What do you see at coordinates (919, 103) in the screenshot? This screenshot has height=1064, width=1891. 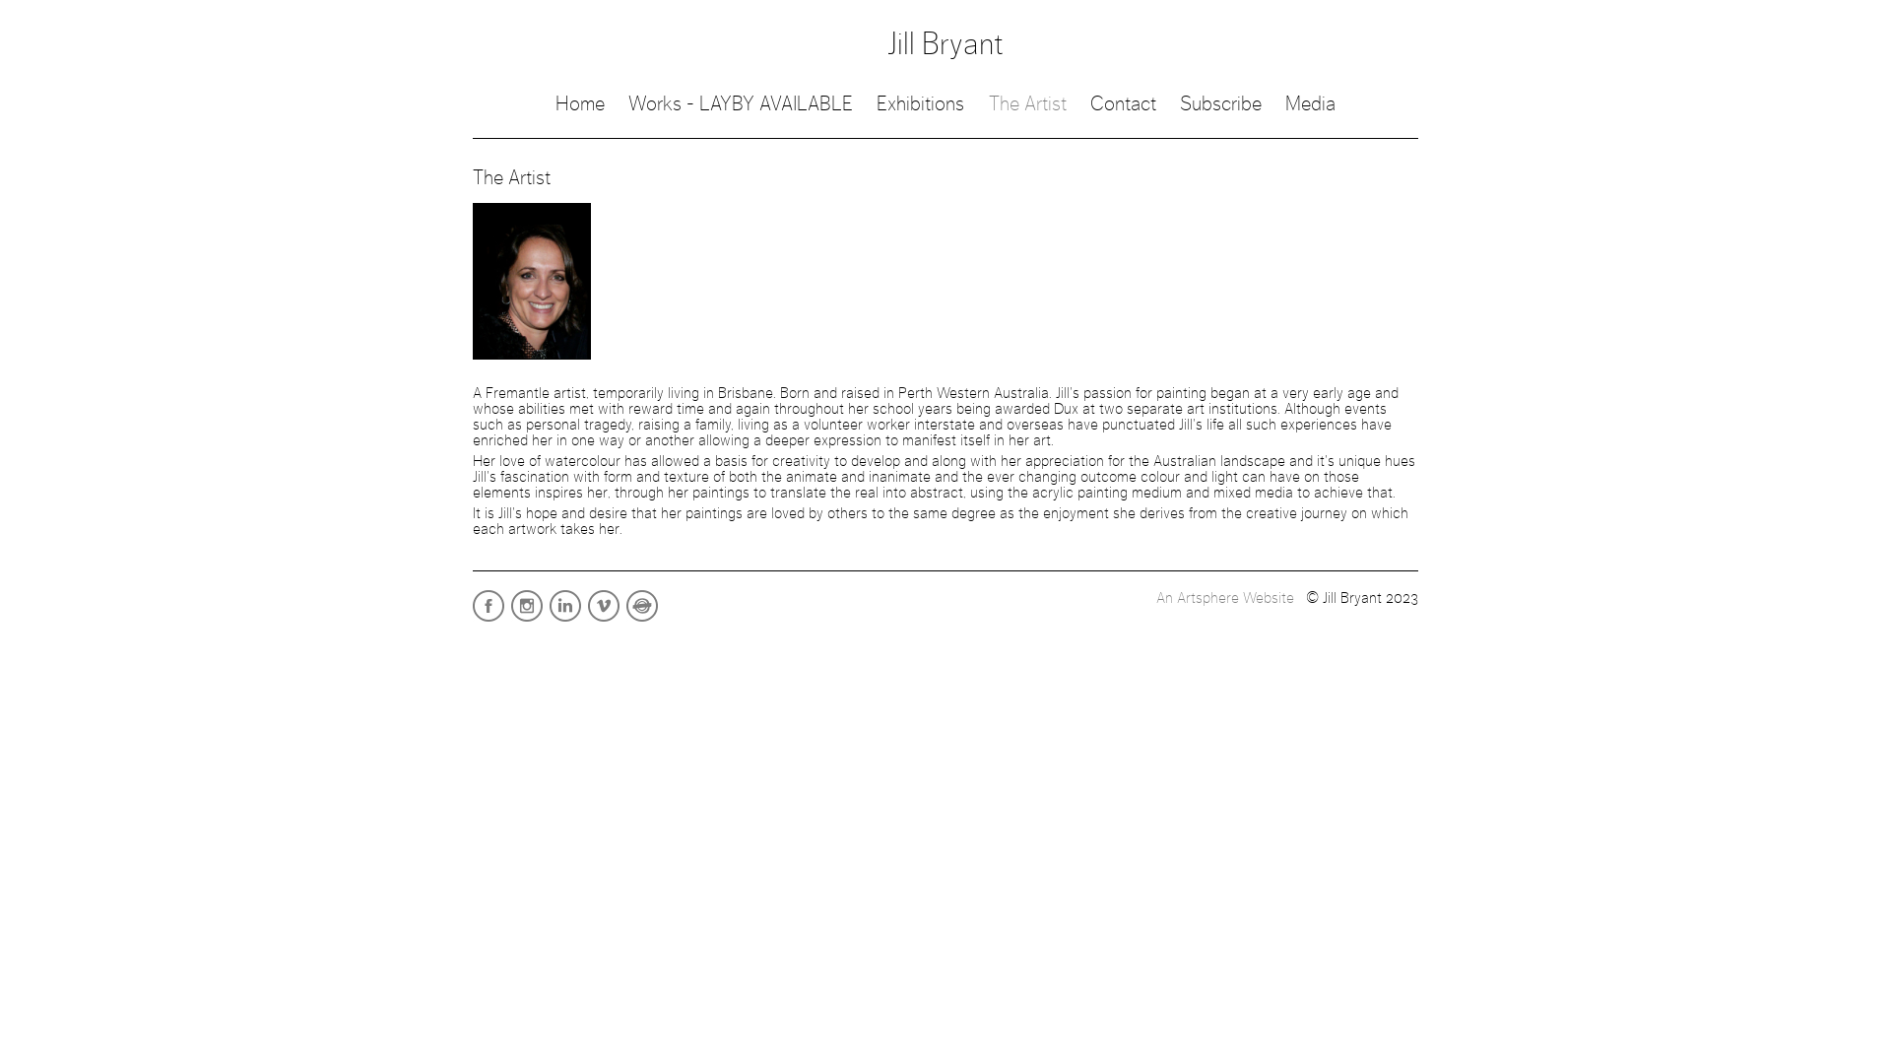 I see `'Exhibitions'` at bounding box center [919, 103].